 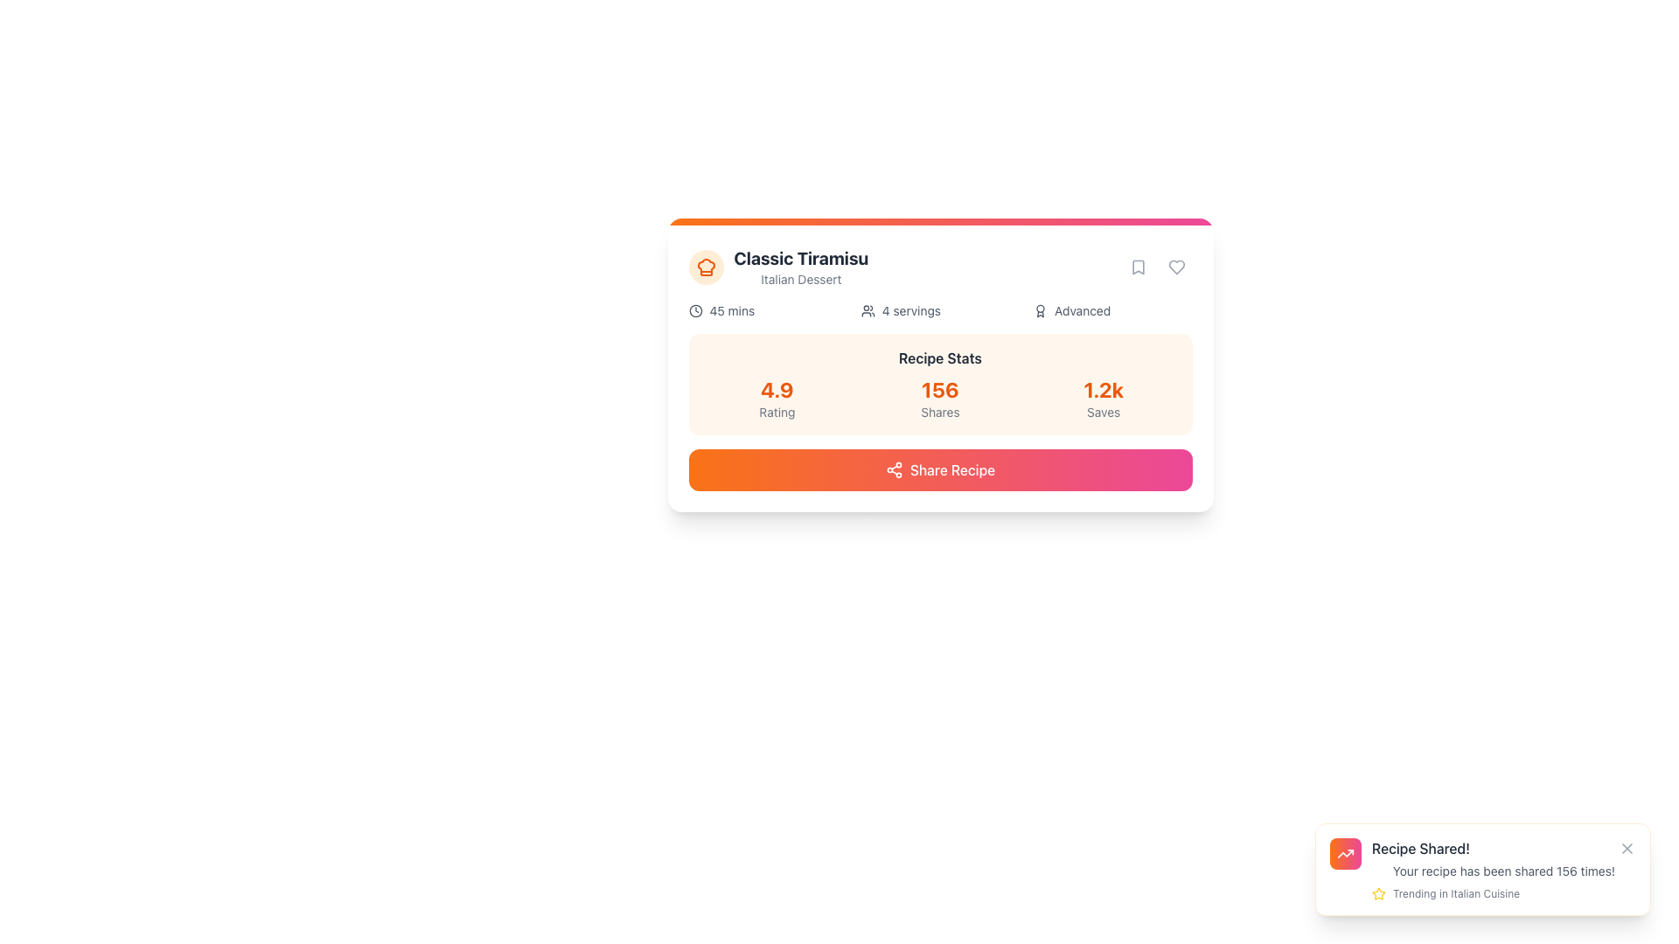 What do you see at coordinates (939, 221) in the screenshot?
I see `the decorative gradient bar at the top of the card, which transitions from orange to pink and spans the full width of the card` at bounding box center [939, 221].